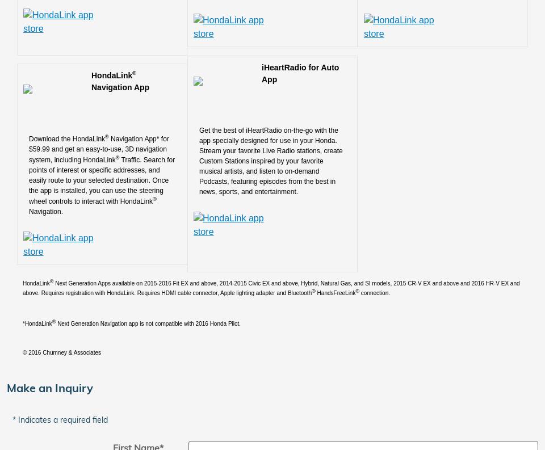 The height and width of the screenshot is (450, 545). Describe the element at coordinates (60, 418) in the screenshot. I see `'* Indicates a required field'` at that location.